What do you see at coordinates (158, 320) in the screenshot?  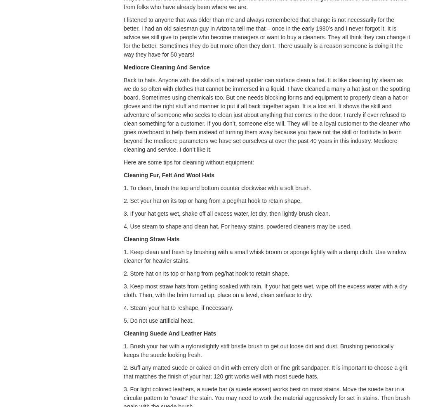 I see `'5. Do not use artificial heat.'` at bounding box center [158, 320].